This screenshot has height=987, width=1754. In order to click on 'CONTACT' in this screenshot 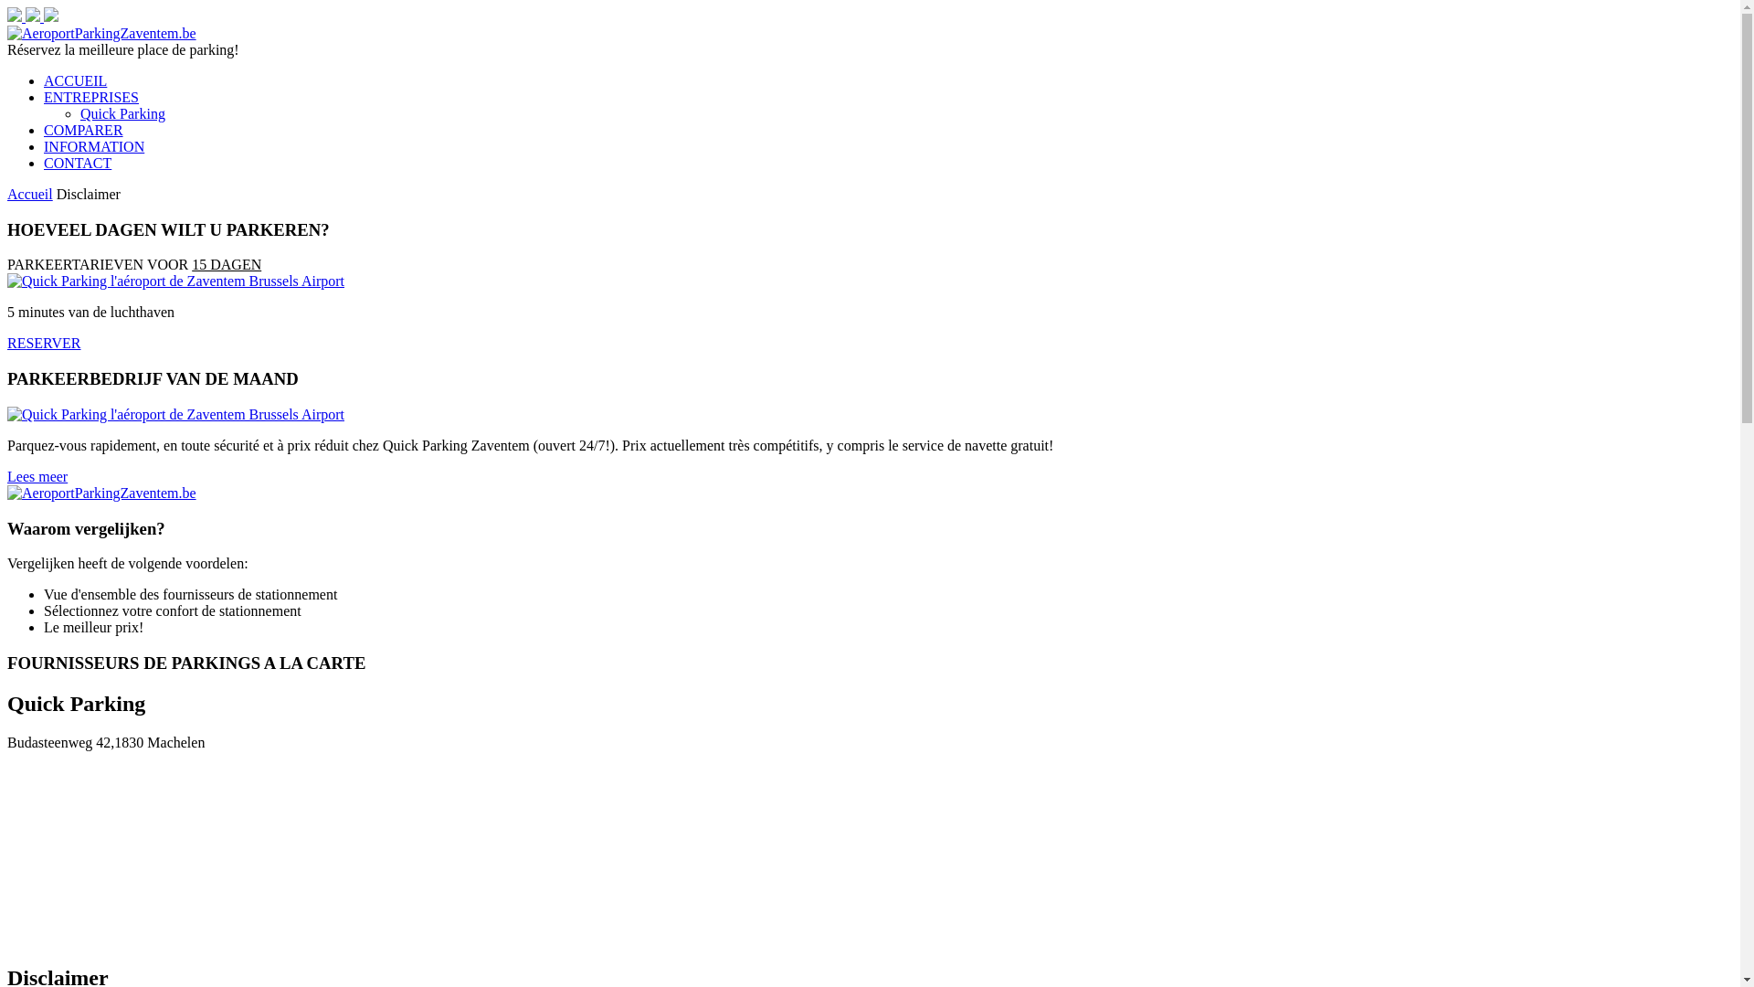, I will do `click(77, 162)`.